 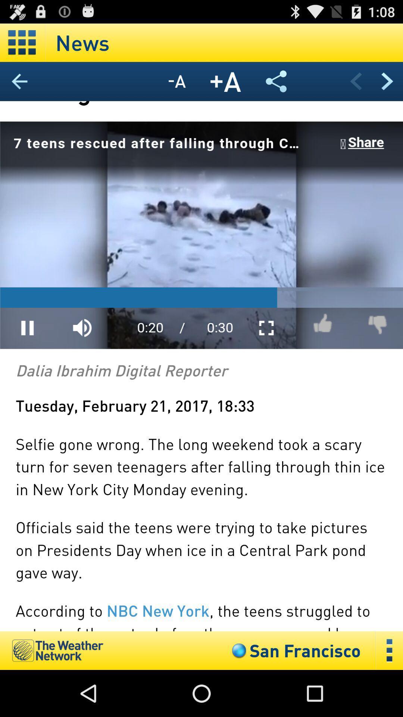 I want to click on go next, so click(x=387, y=81).